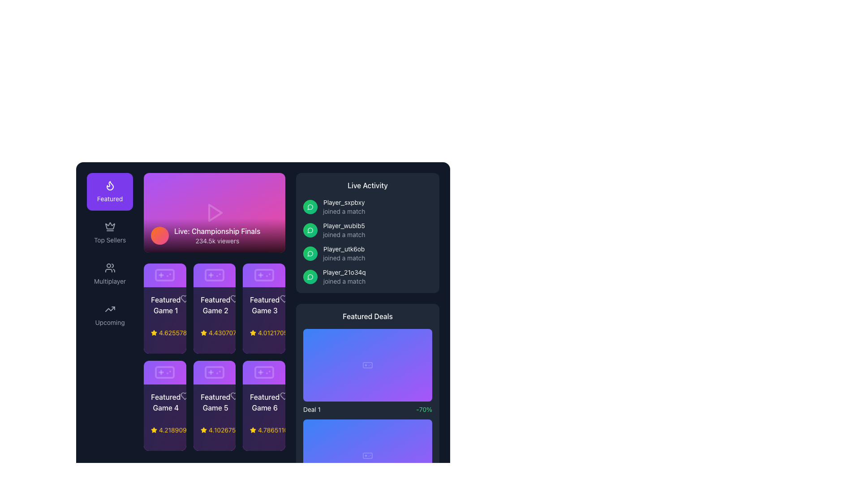 Image resolution: width=860 pixels, height=484 pixels. Describe the element at coordinates (203, 430) in the screenshot. I see `the star icon with a yellow fill and outline, which indicates a rating, located next to the numerical rating '4.10' for 'Featured Game 5'` at that location.